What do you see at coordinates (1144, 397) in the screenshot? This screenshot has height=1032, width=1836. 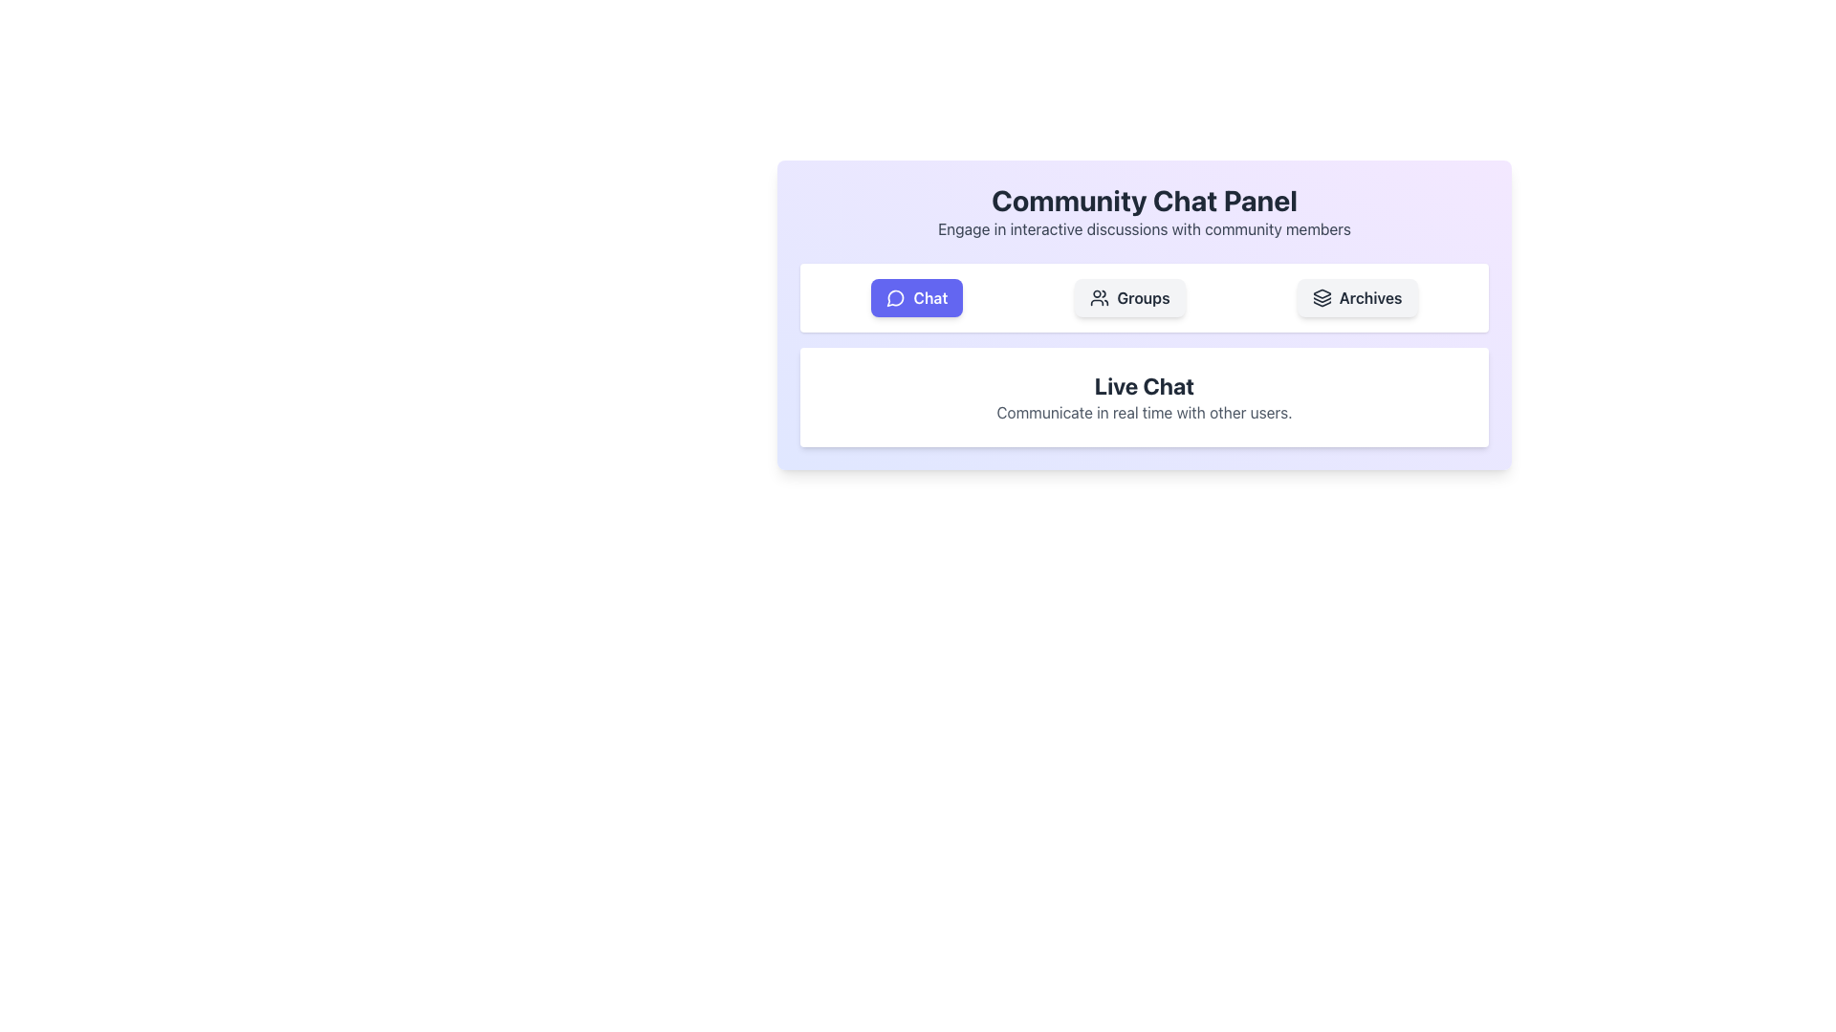 I see `the 'Live Chat' label group, which features a large, bold title and smaller descriptive text, positioned centrally within a white card below the buttons 'Chat,' 'Groups,' and 'Archives.'` at bounding box center [1144, 397].